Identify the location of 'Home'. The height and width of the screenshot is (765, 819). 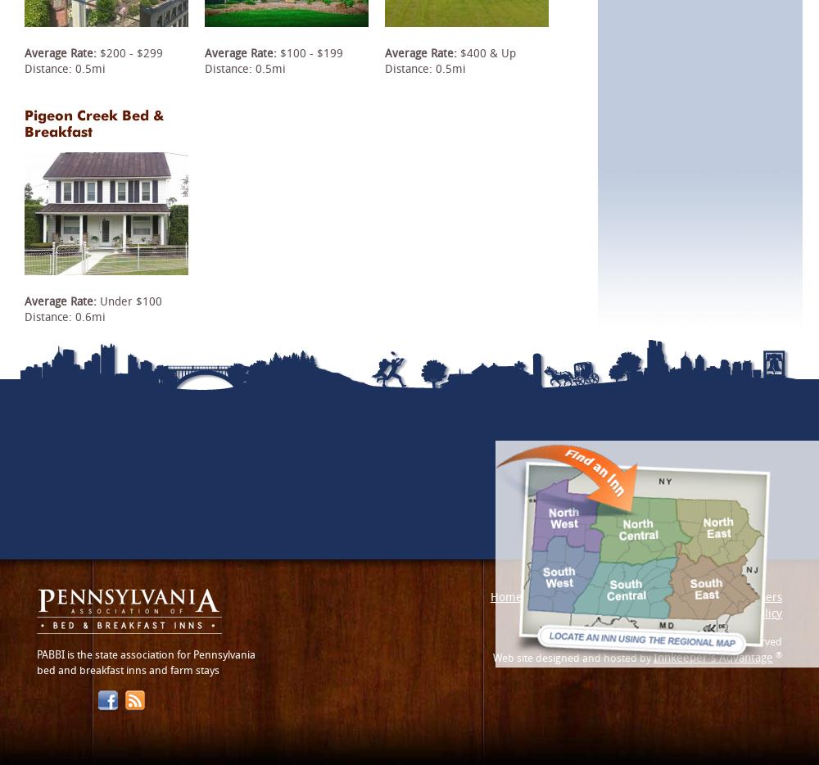
(505, 595).